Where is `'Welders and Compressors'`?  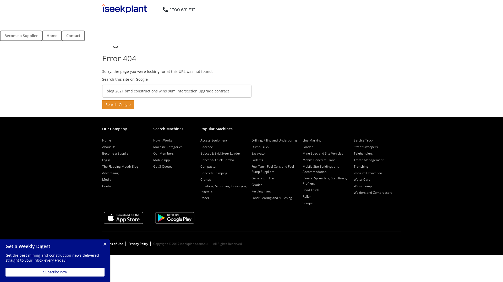 'Welders and Compressors' is located at coordinates (373, 192).